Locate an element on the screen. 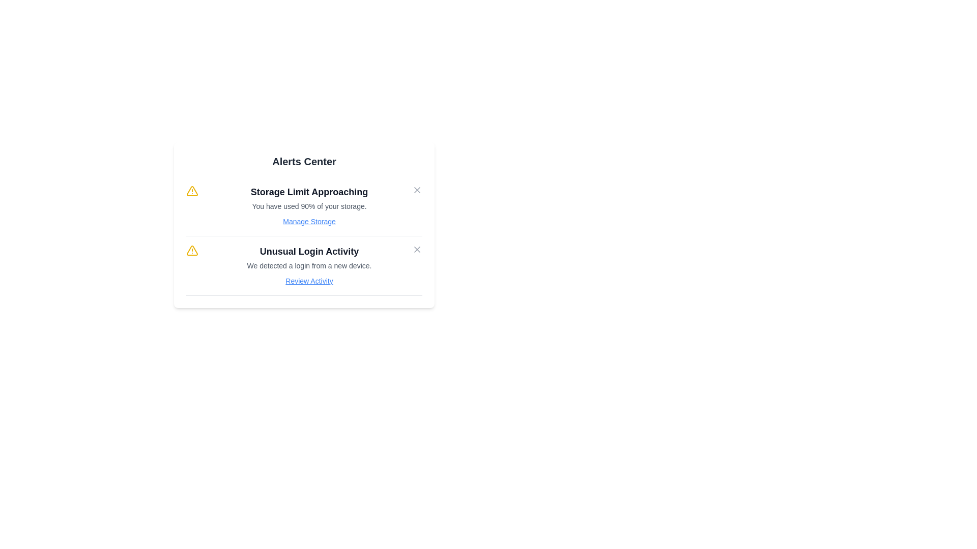 This screenshot has height=549, width=977. the icon corresponding to warning for the alert titled Unusual Login Activity is located at coordinates (192, 251).